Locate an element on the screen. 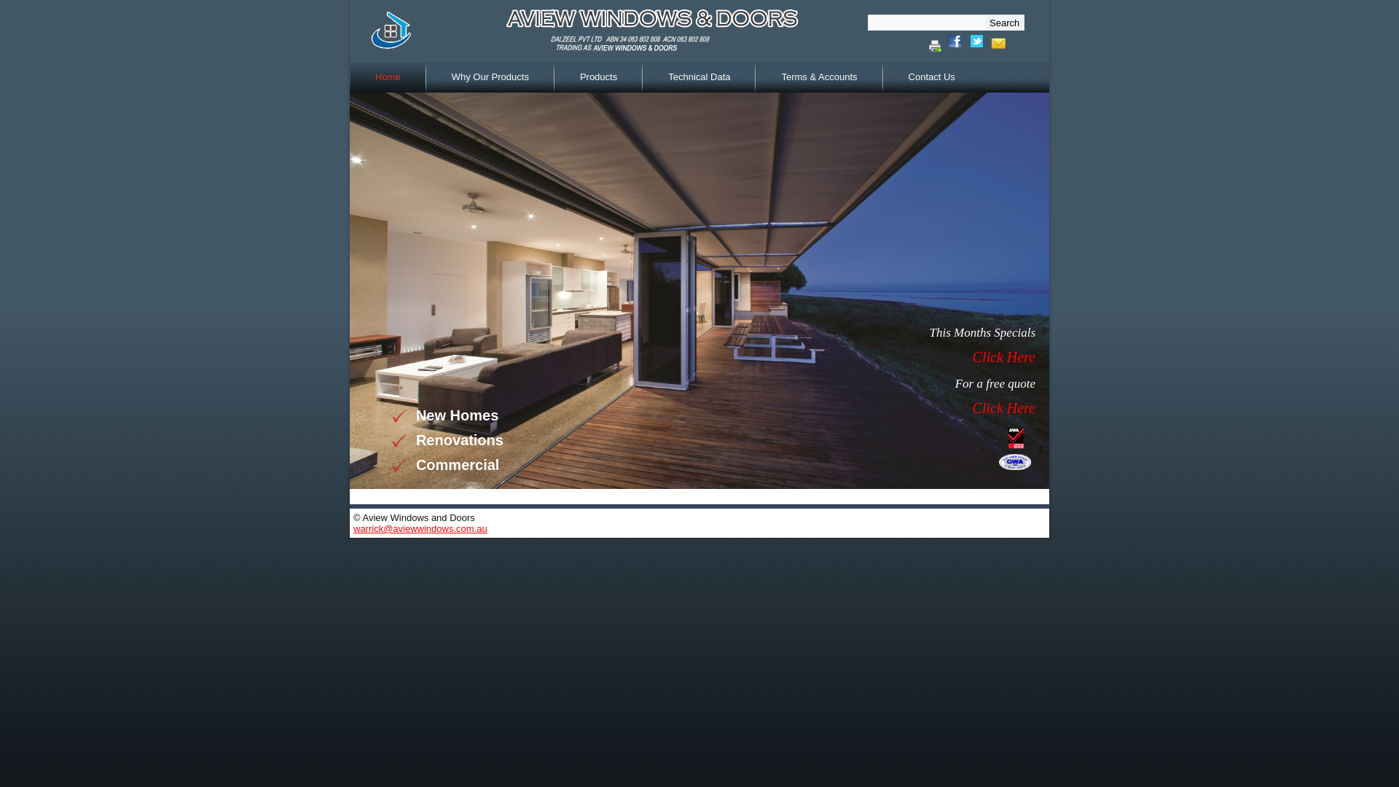 This screenshot has height=787, width=1399. 'Technical Data' is located at coordinates (698, 77).